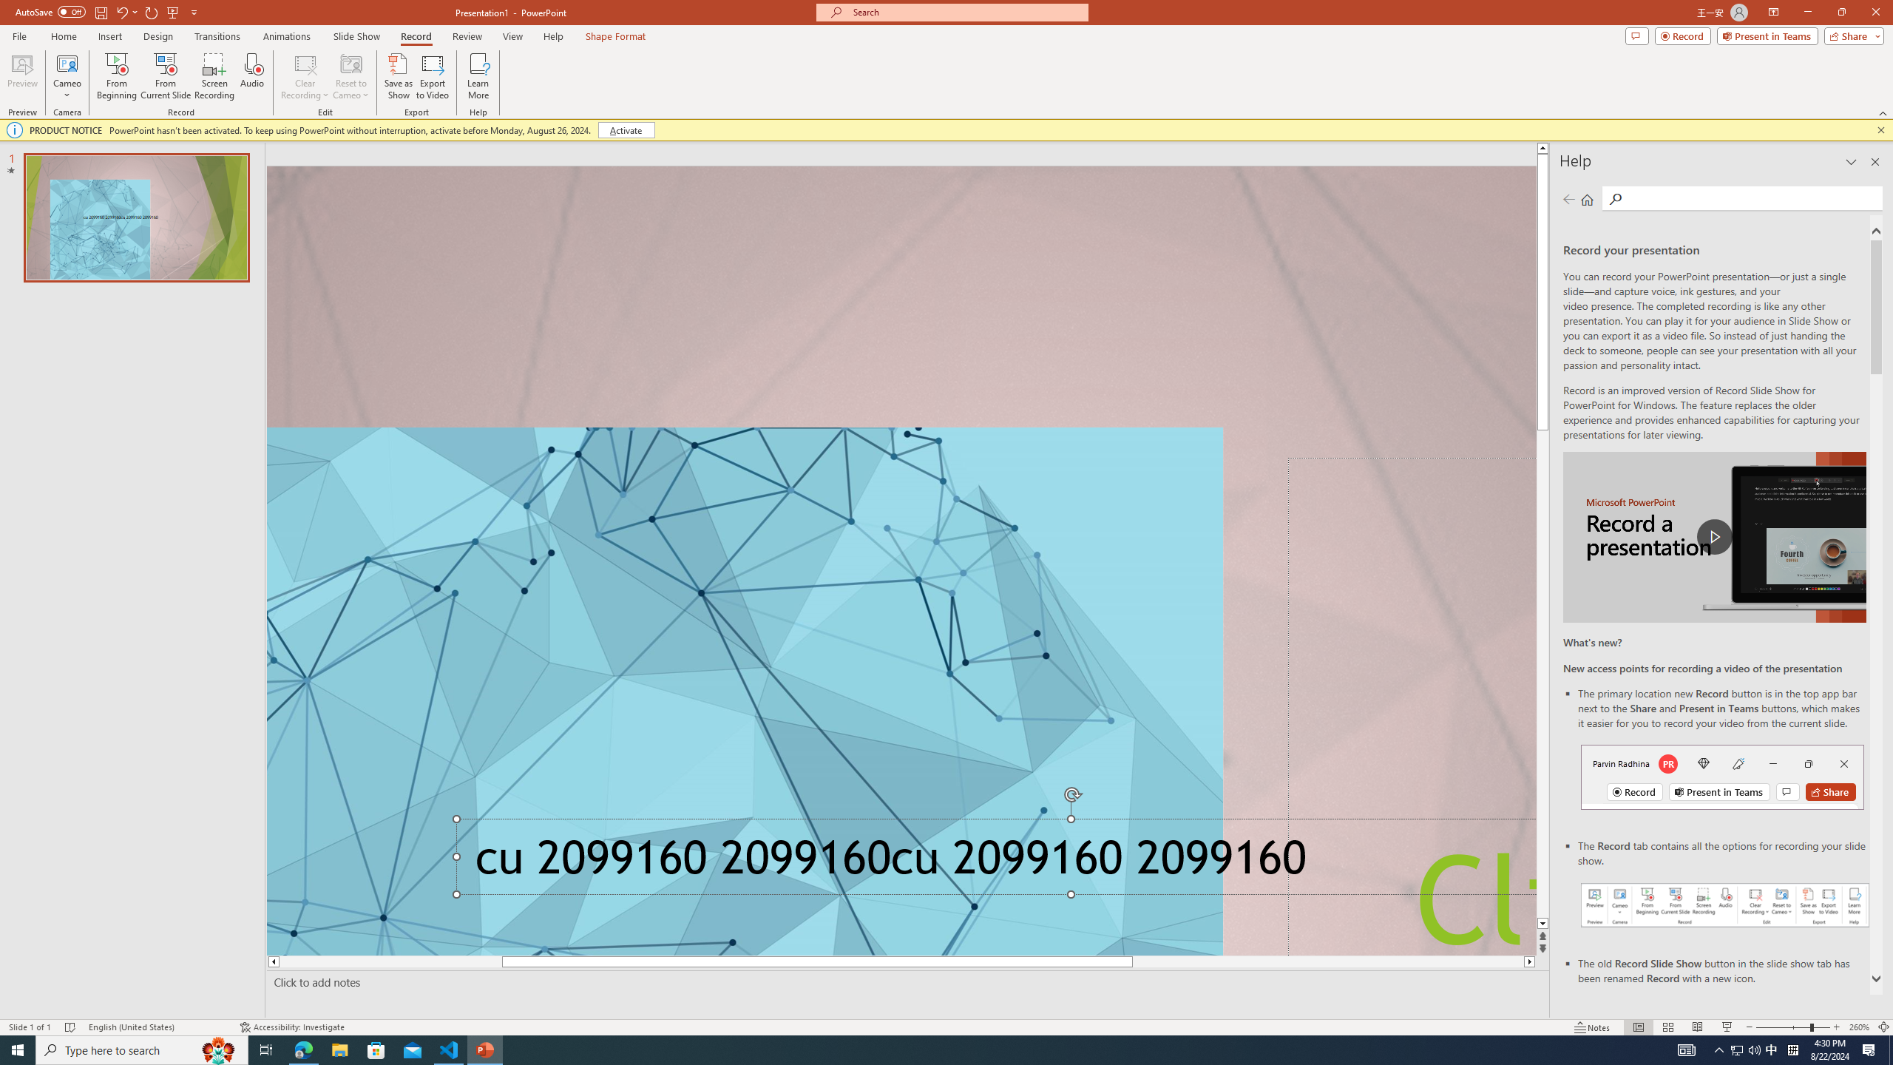 This screenshot has width=1893, height=1065. Describe the element at coordinates (305, 76) in the screenshot. I see `'Clear Recording'` at that location.